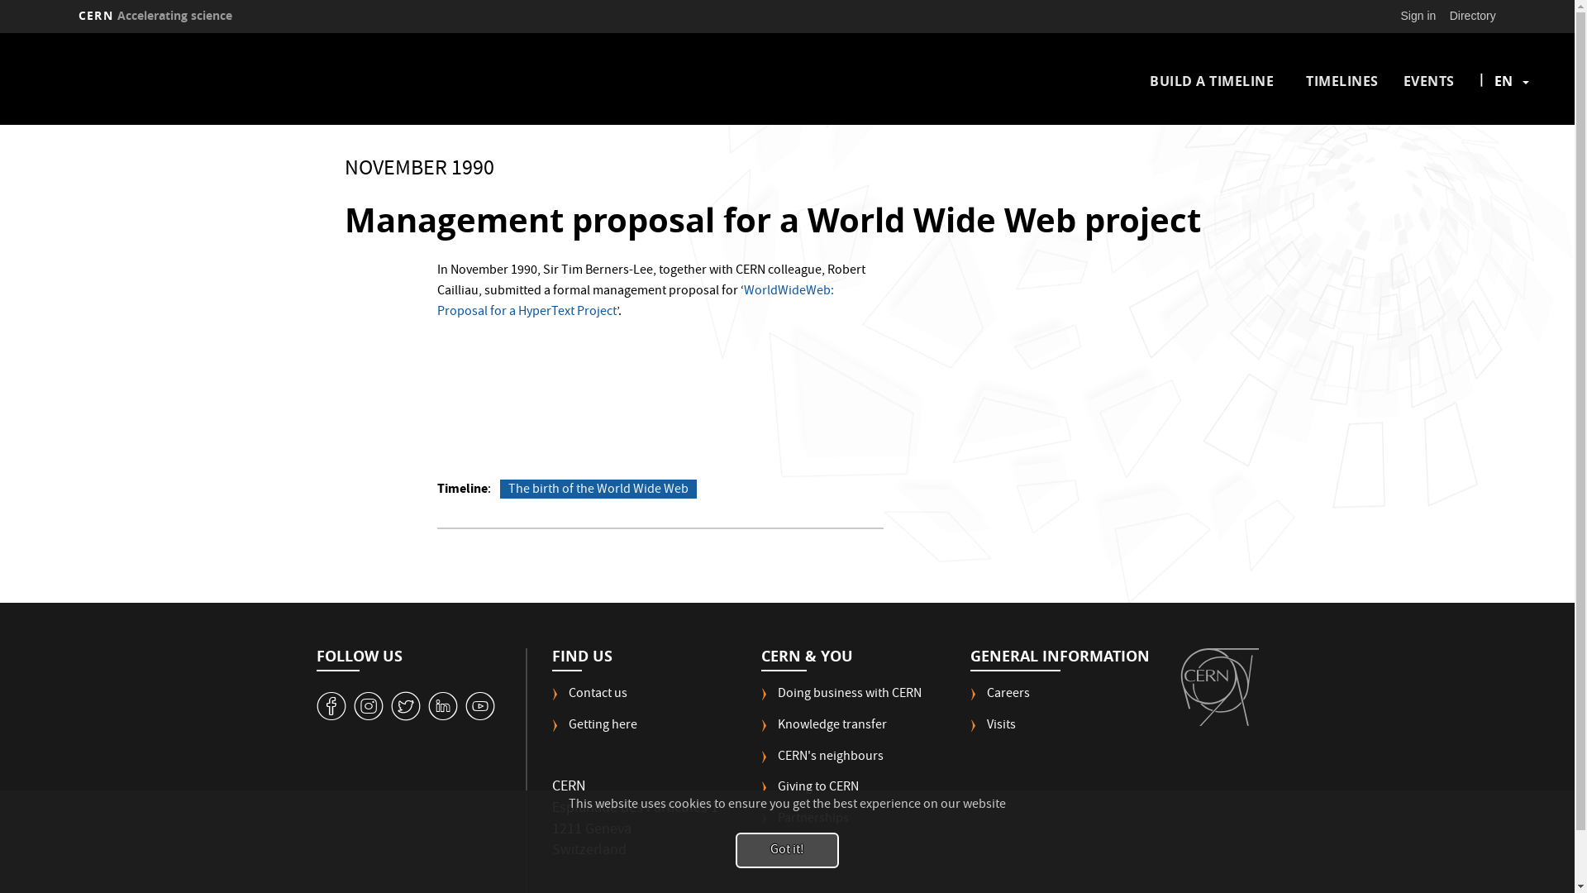 The width and height of the screenshot is (1587, 893). I want to click on 'J', so click(368, 706).